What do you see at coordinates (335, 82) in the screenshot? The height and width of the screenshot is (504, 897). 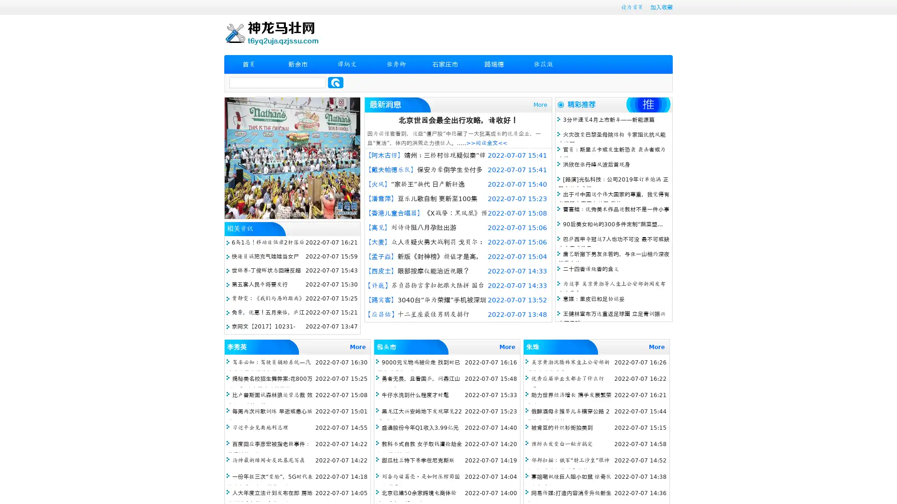 I see `Search` at bounding box center [335, 82].